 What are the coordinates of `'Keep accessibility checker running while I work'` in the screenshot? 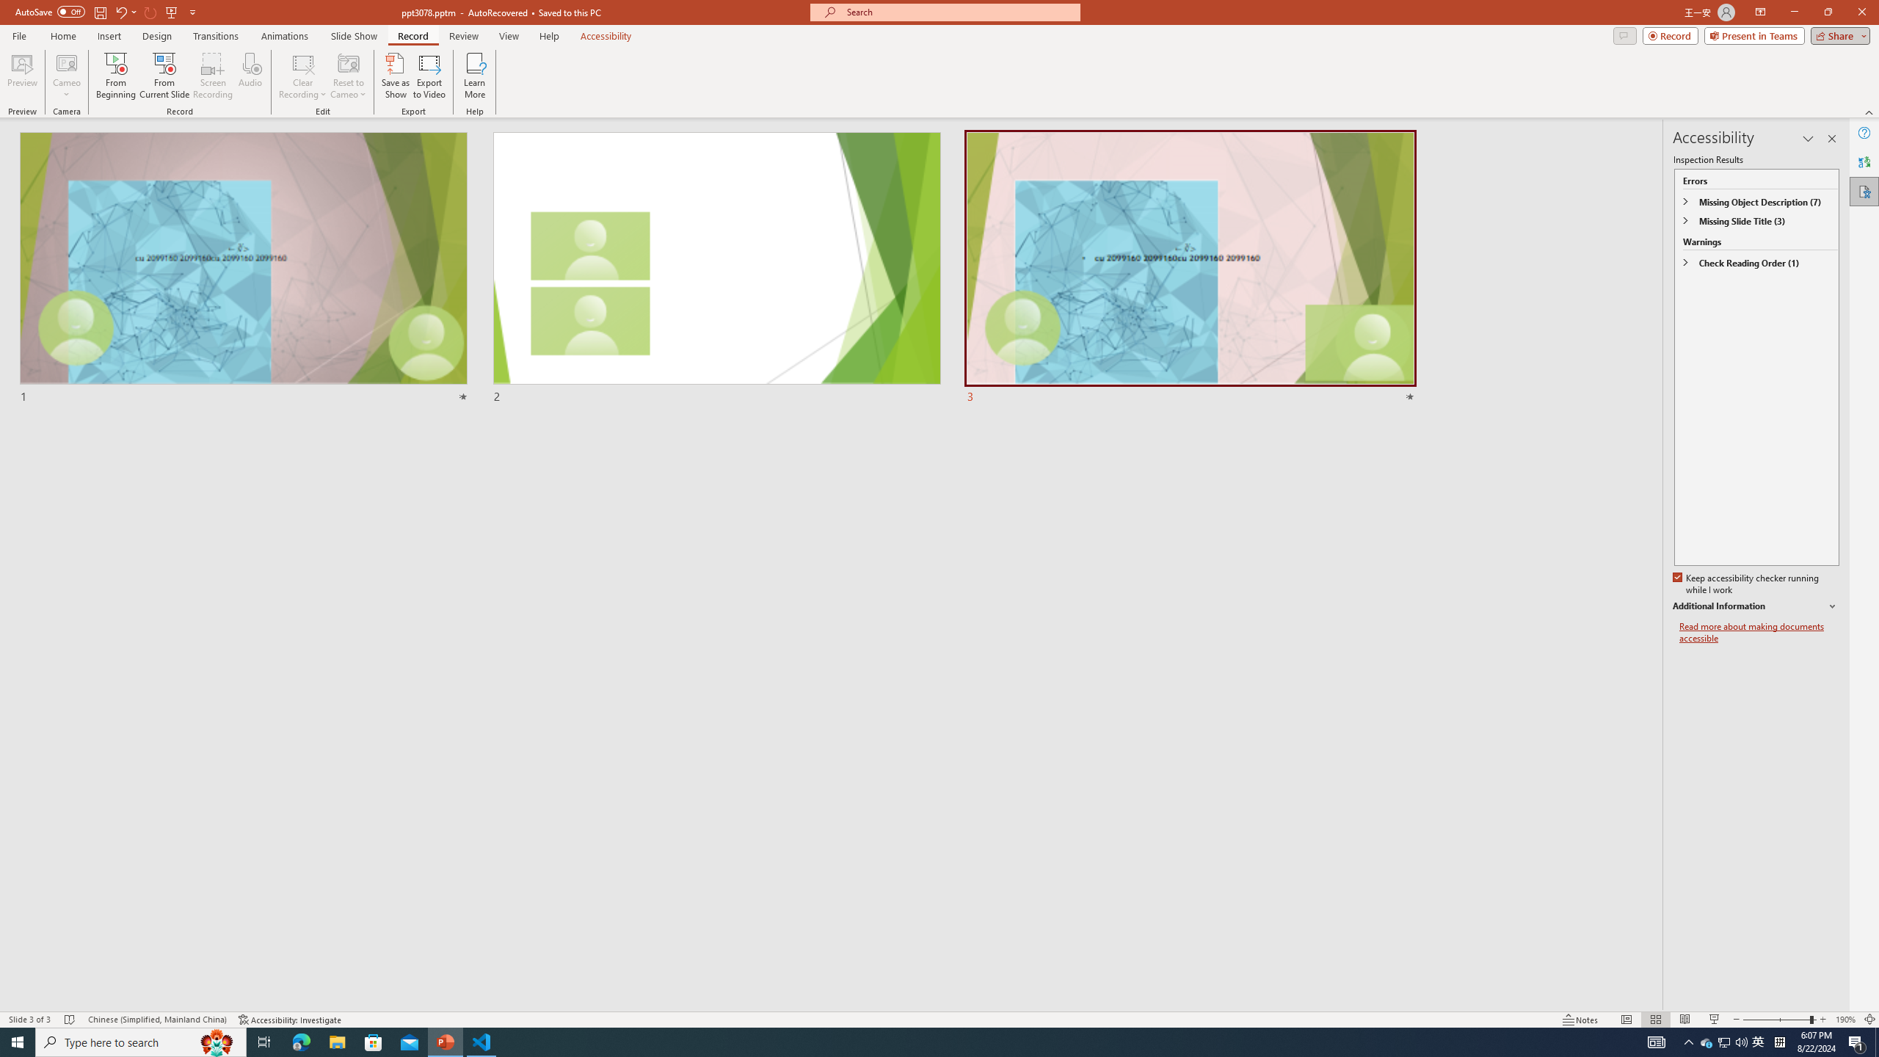 It's located at (1747, 584).